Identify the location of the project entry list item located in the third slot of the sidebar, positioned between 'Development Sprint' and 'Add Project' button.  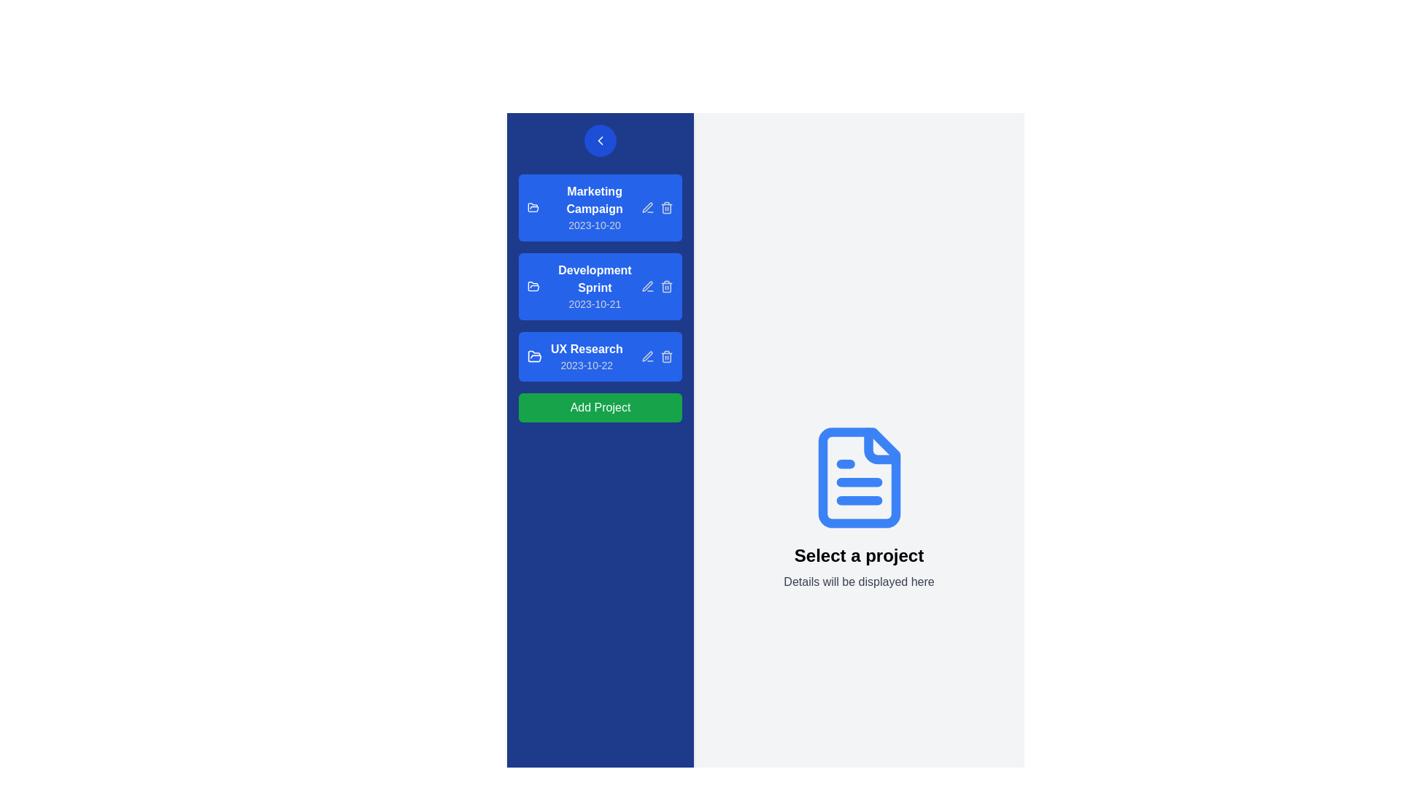
(600, 357).